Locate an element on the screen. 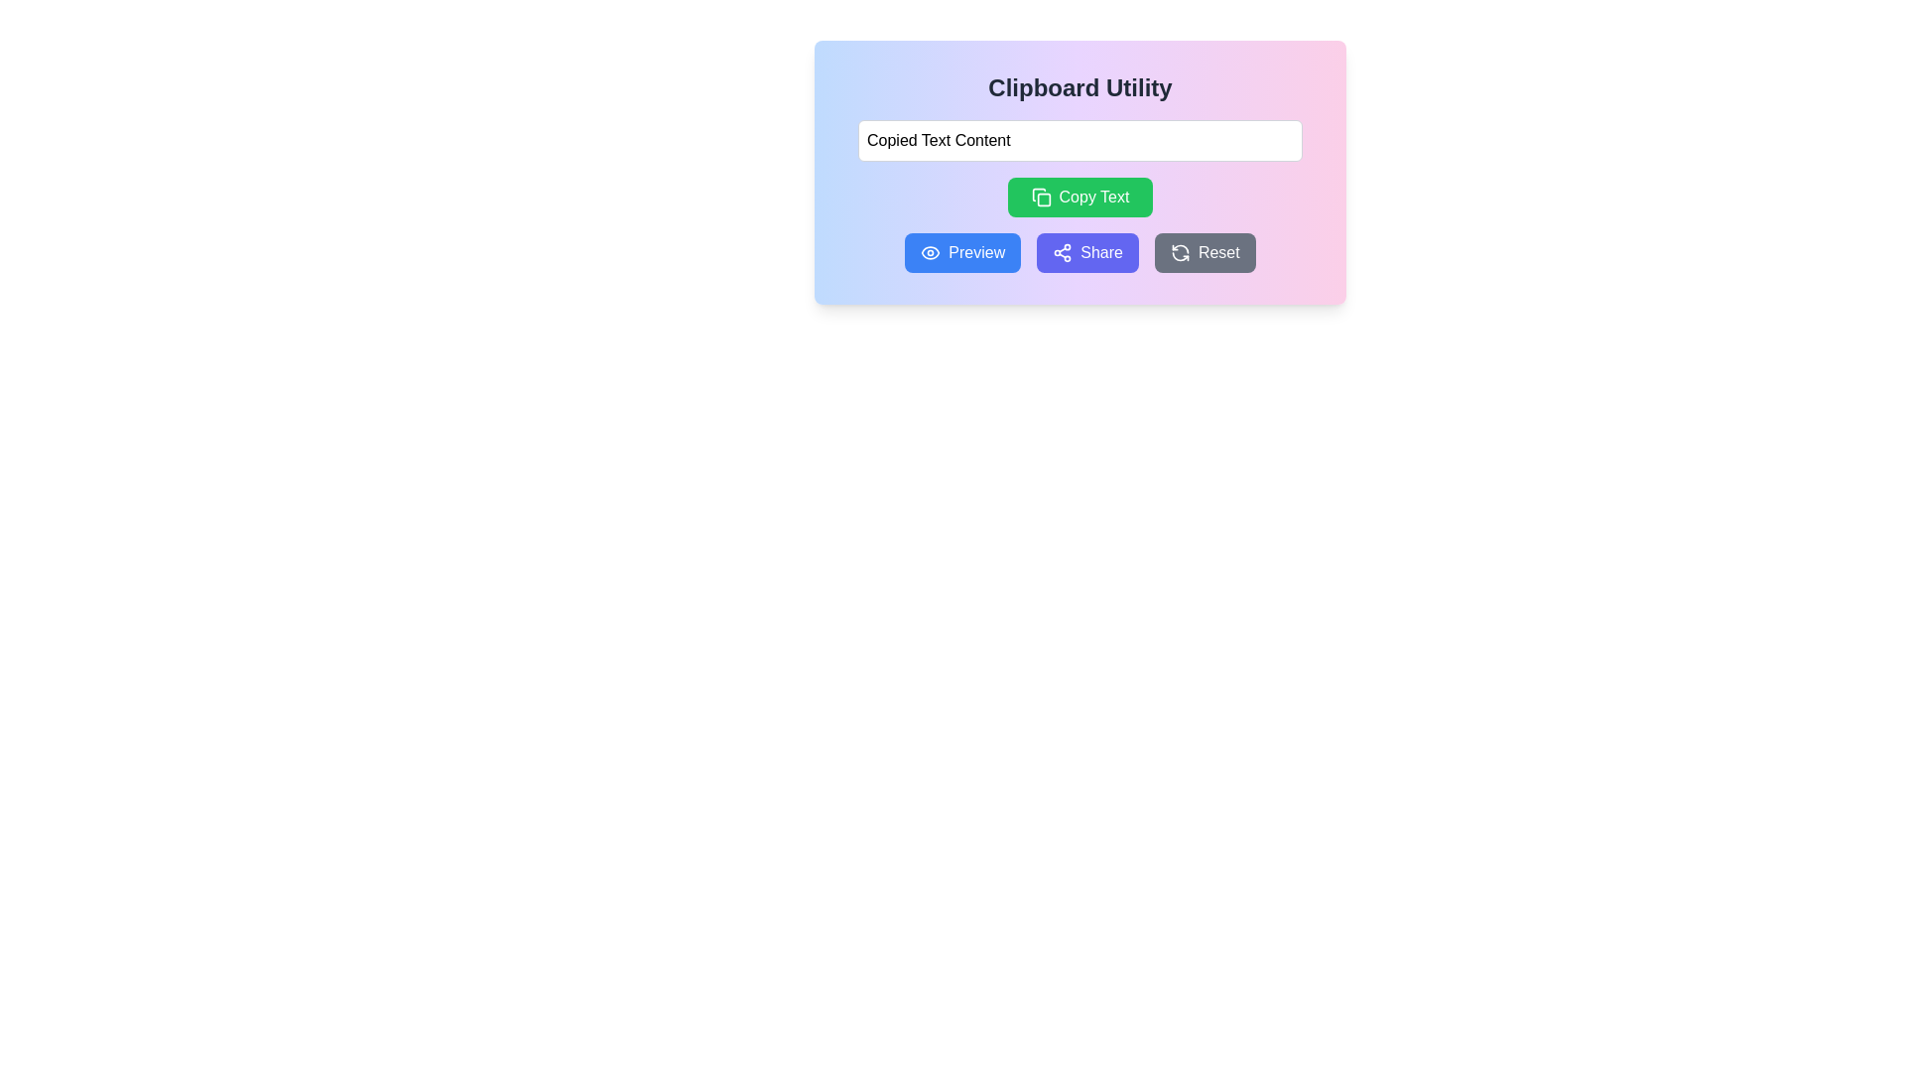  the selected text within the text input field located near the top-center of the interface, directly above the green 'Copy Text' button is located at coordinates (1079, 140).